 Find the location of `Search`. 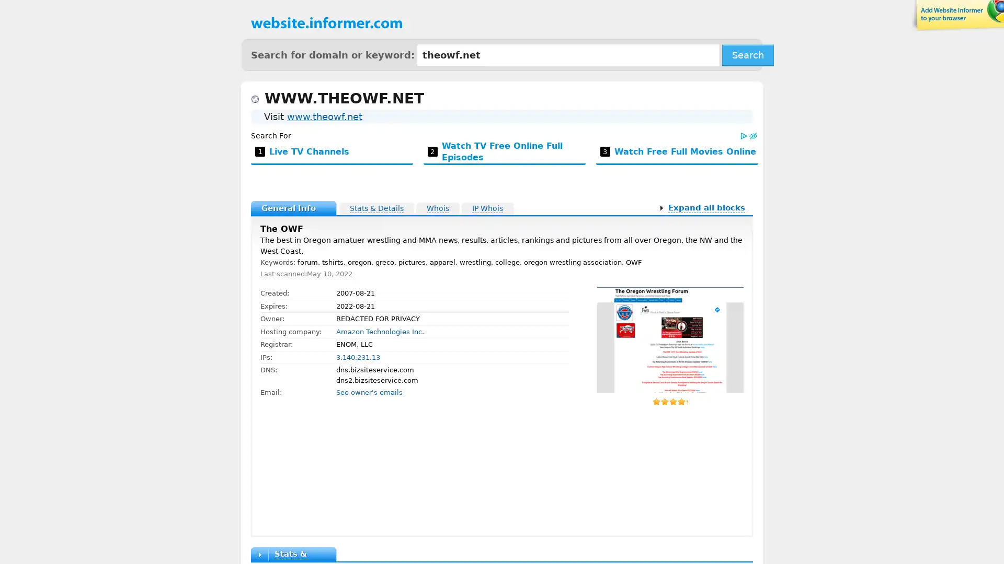

Search is located at coordinates (747, 54).